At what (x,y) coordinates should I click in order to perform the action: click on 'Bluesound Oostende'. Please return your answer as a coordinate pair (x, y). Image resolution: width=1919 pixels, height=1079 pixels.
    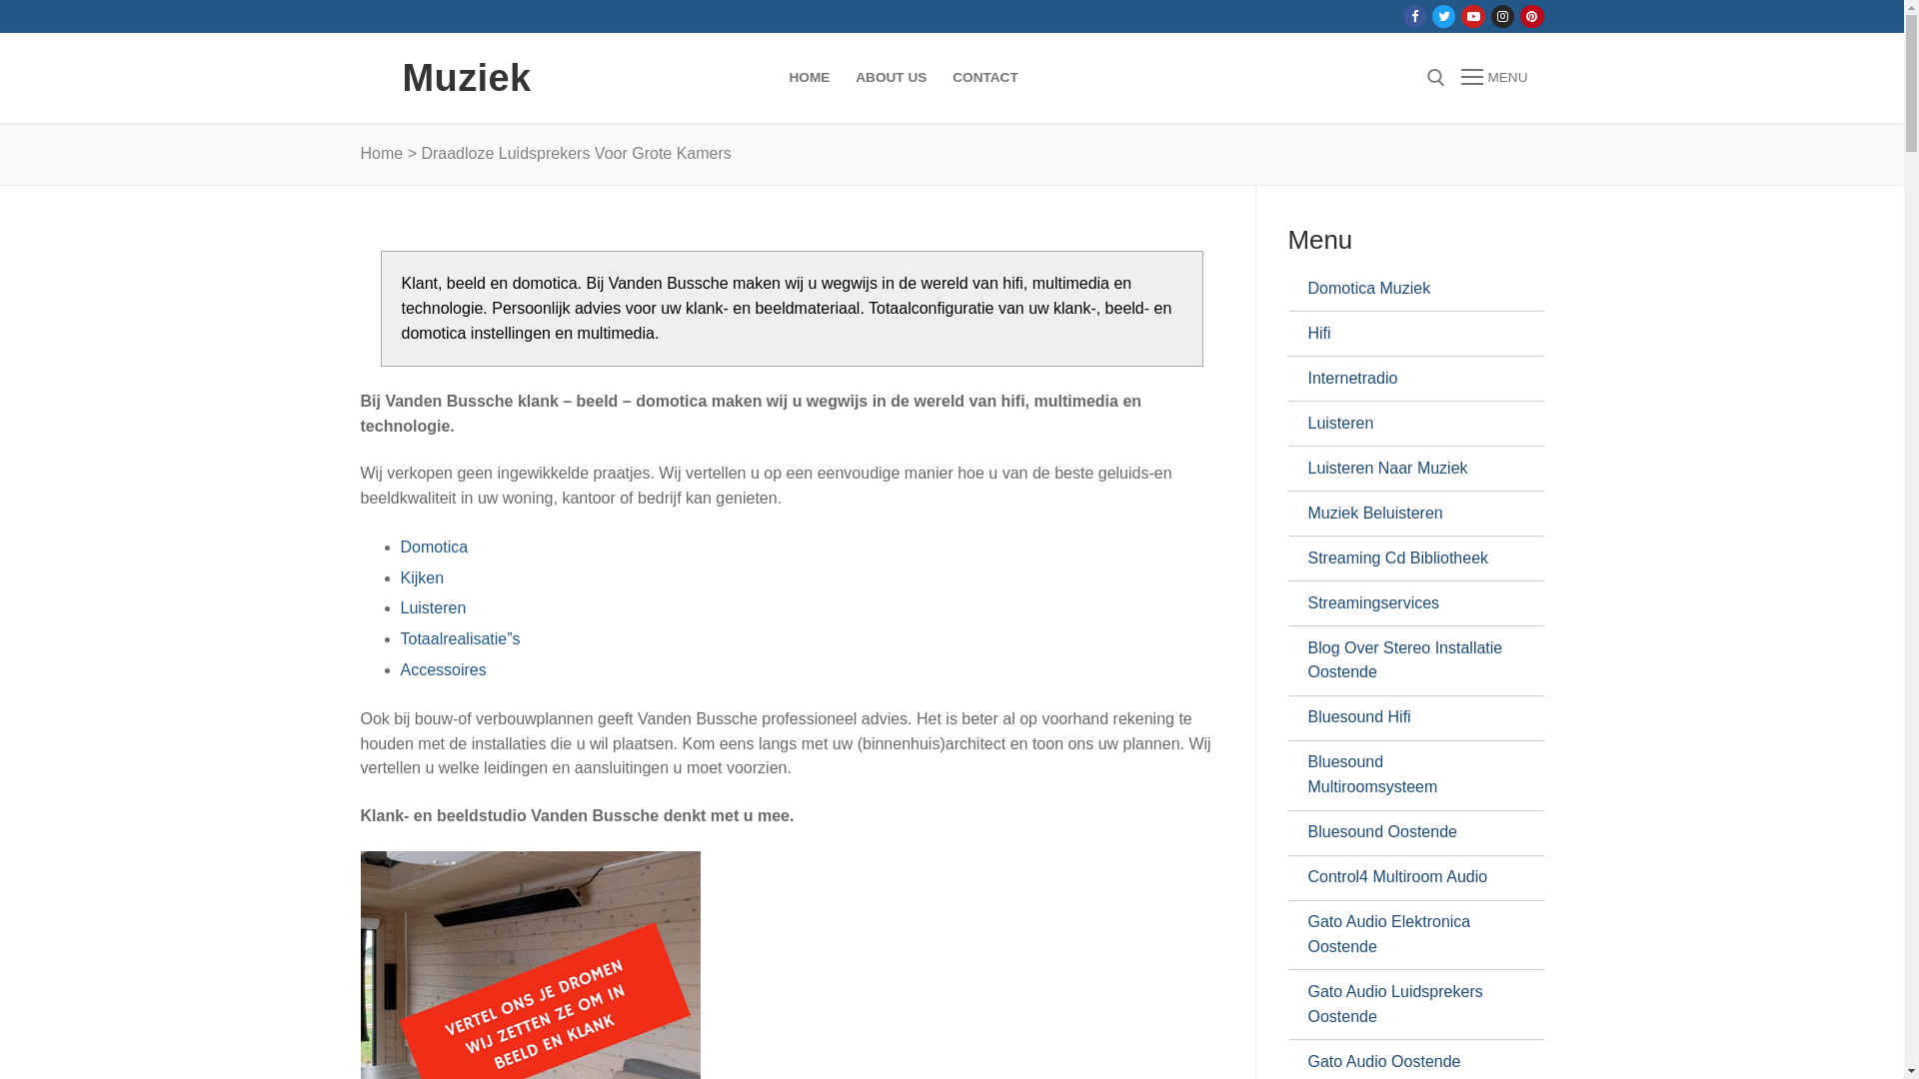
    Looking at the image, I should click on (1307, 832).